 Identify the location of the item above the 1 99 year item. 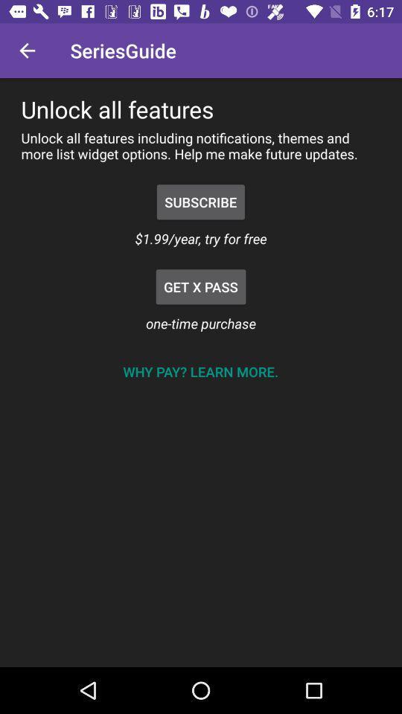
(200, 201).